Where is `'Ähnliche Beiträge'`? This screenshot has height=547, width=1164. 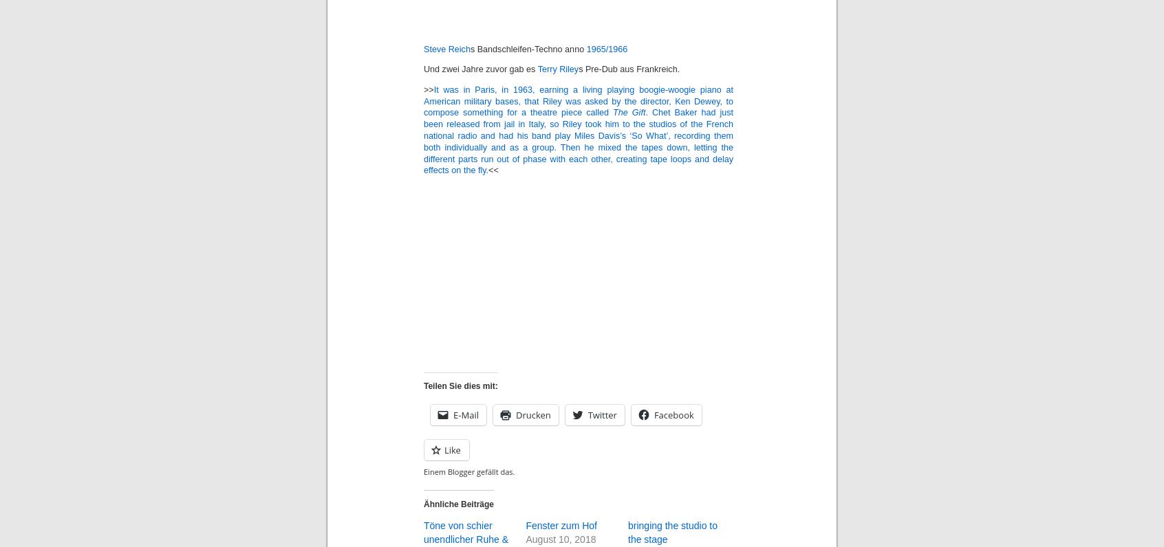 'Ähnliche Beiträge' is located at coordinates (423, 503).